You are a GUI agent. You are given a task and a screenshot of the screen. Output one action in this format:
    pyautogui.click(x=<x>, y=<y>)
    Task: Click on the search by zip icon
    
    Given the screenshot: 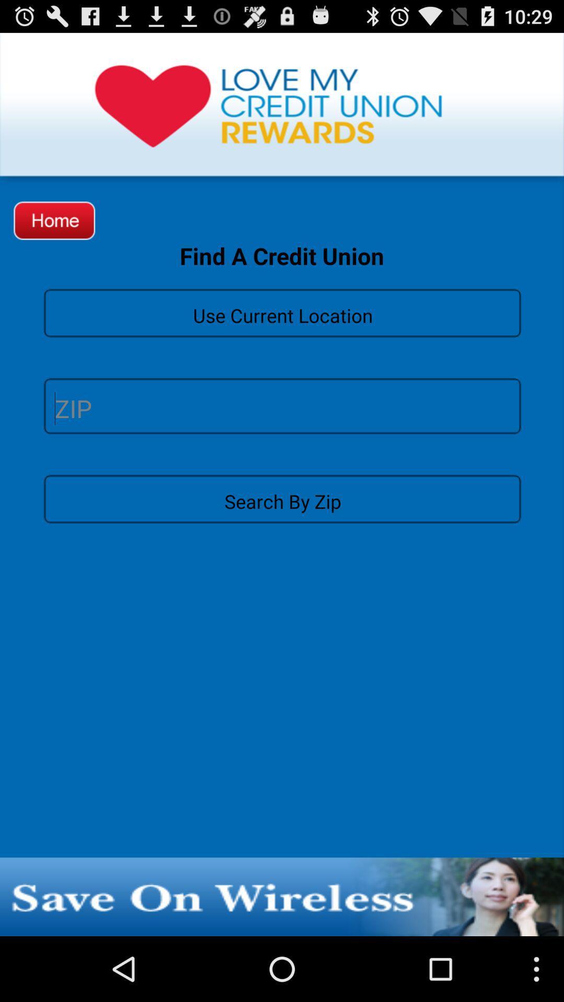 What is the action you would take?
    pyautogui.click(x=282, y=498)
    